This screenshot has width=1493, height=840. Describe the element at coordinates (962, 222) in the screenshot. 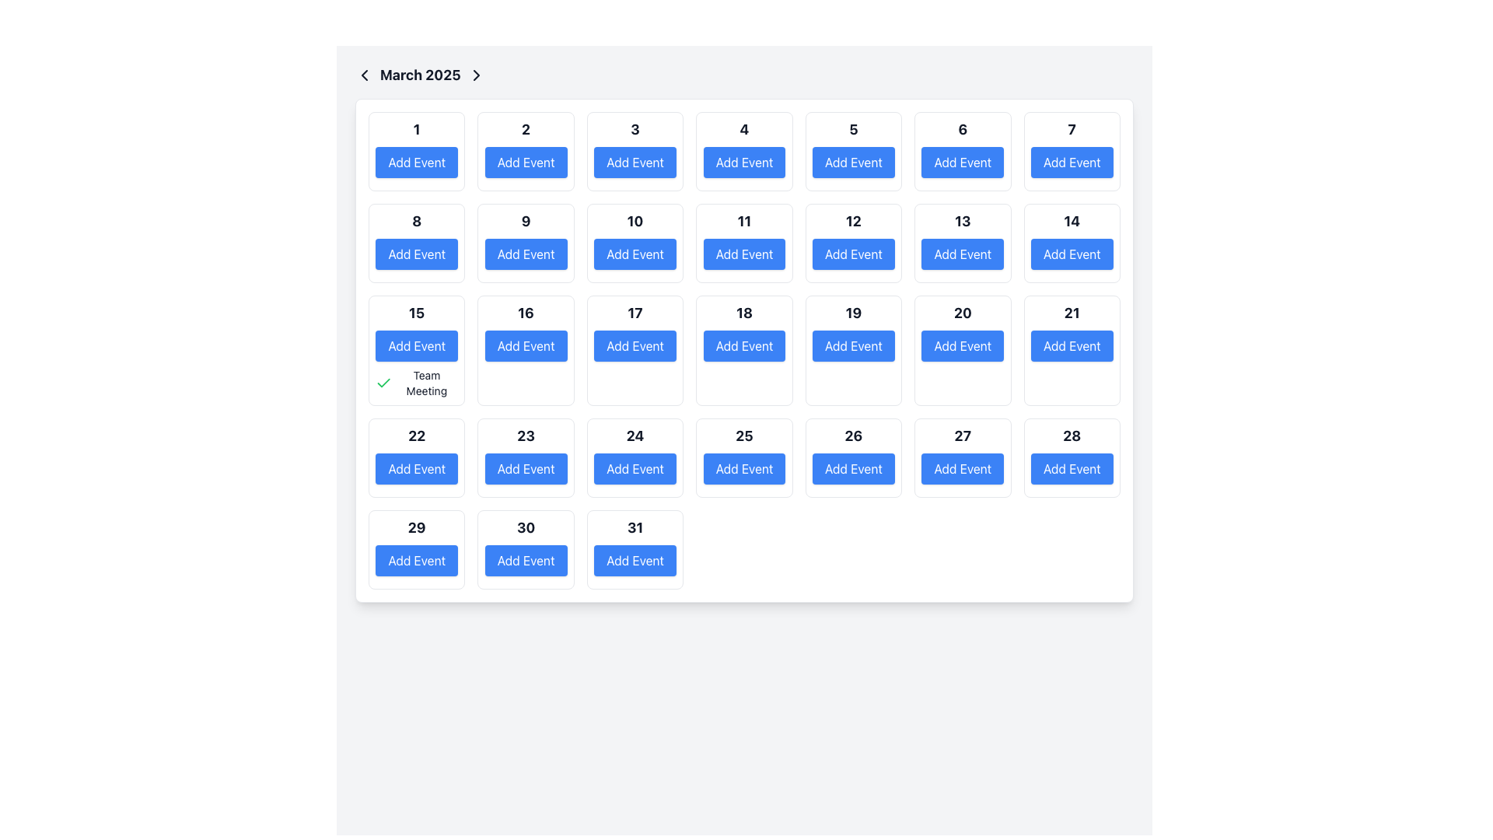

I see `the text label that indicates the 13th day in the calendar within the card layout, located in the fourth column of the second row of the grid` at that location.